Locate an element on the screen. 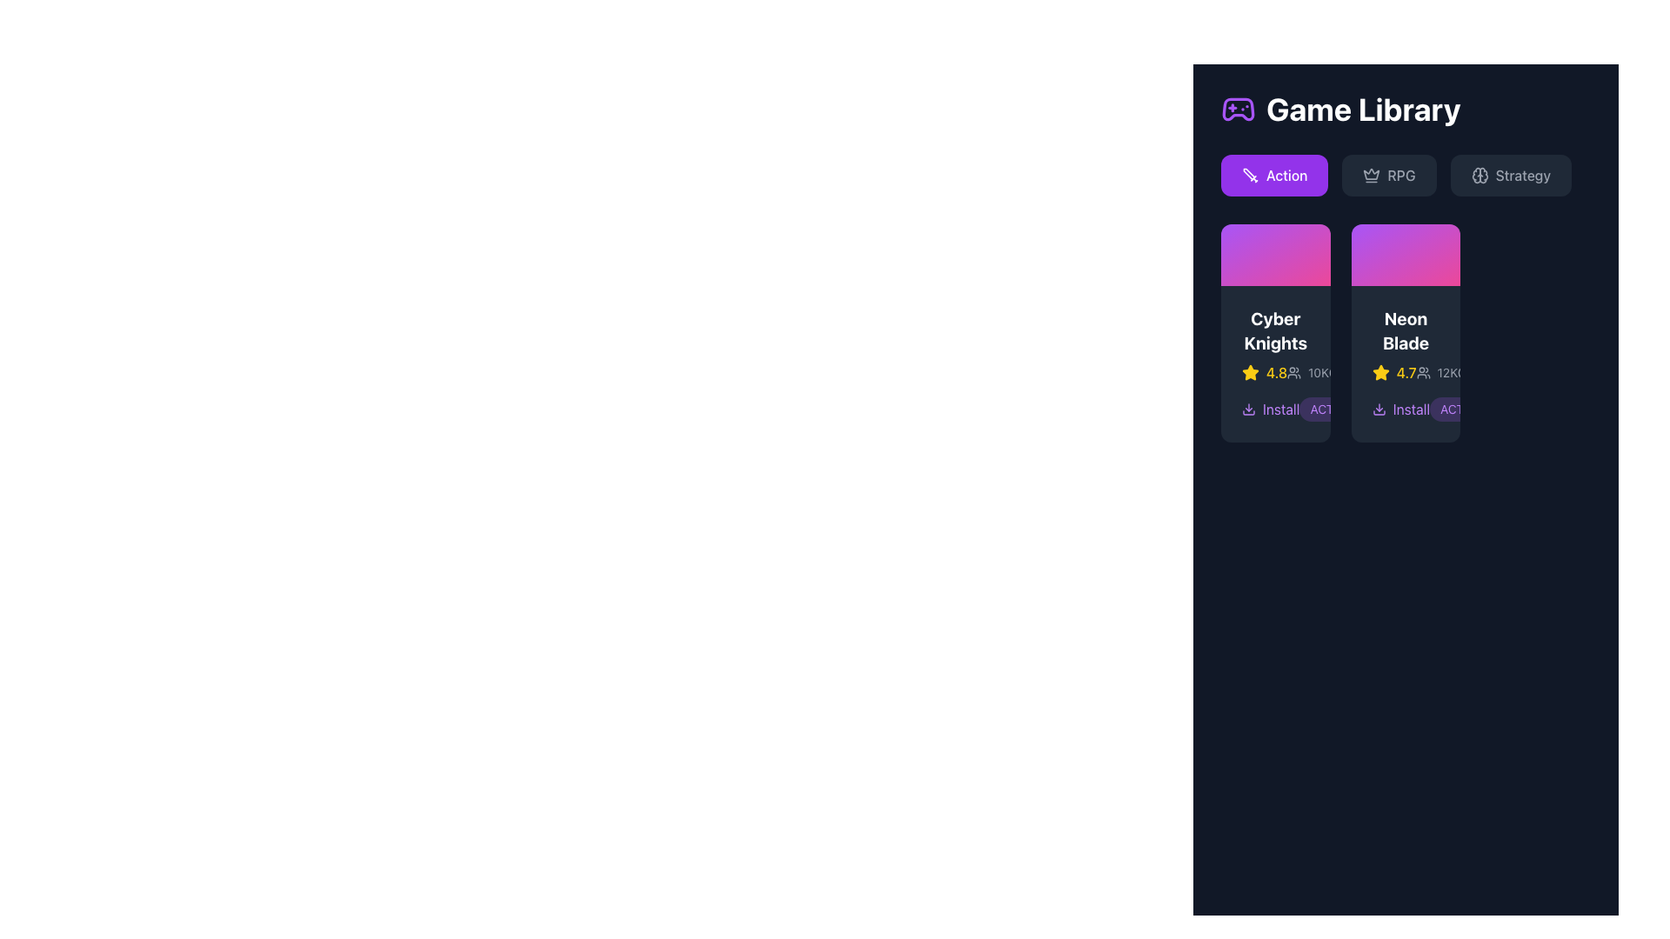 The height and width of the screenshot is (939, 1670). numeric text label '4.8' that is styled with a medium font weight and presented in yellow color, located next to the yellow star icon on the game card for 'Cyber Knights' is located at coordinates (1277, 371).